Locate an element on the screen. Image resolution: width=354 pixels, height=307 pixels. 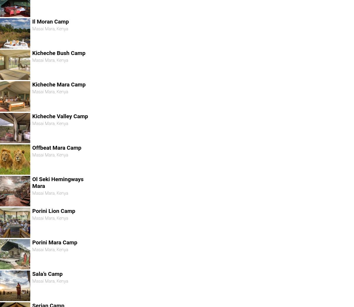
'Ol Seki Hemingways Mara' is located at coordinates (57, 182).